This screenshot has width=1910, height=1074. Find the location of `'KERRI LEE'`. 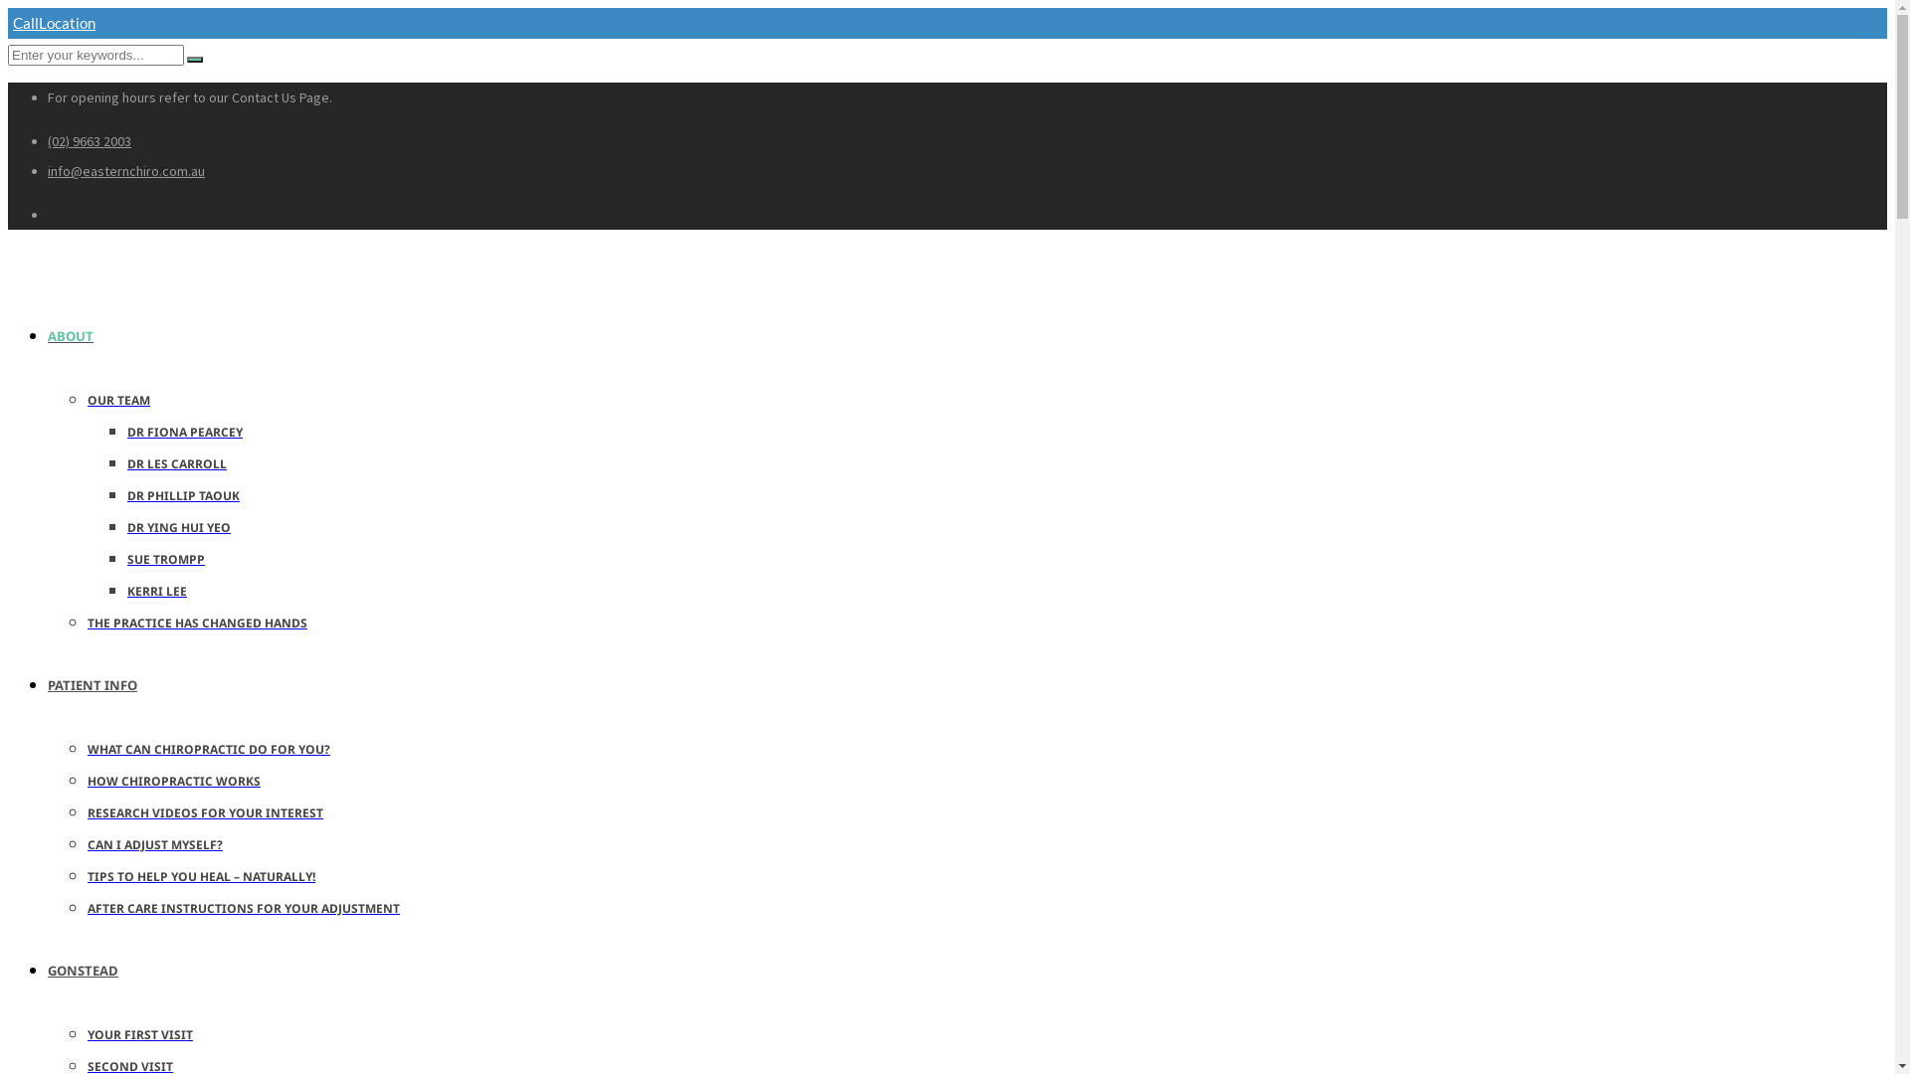

'KERRI LEE' is located at coordinates (156, 590).